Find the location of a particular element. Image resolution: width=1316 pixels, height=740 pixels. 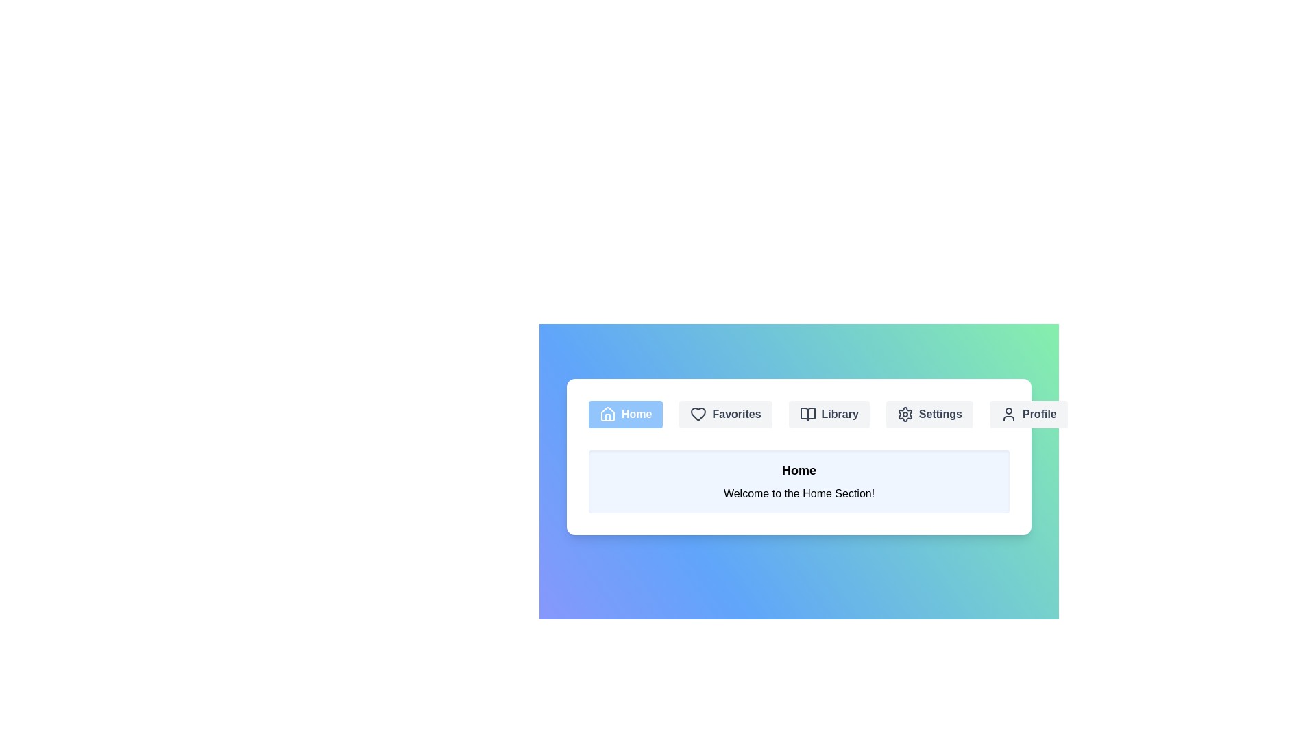

the 'Profile' button, which is styled with a white background, rounded edges, and contains a user silhouette icon is located at coordinates (1027, 414).